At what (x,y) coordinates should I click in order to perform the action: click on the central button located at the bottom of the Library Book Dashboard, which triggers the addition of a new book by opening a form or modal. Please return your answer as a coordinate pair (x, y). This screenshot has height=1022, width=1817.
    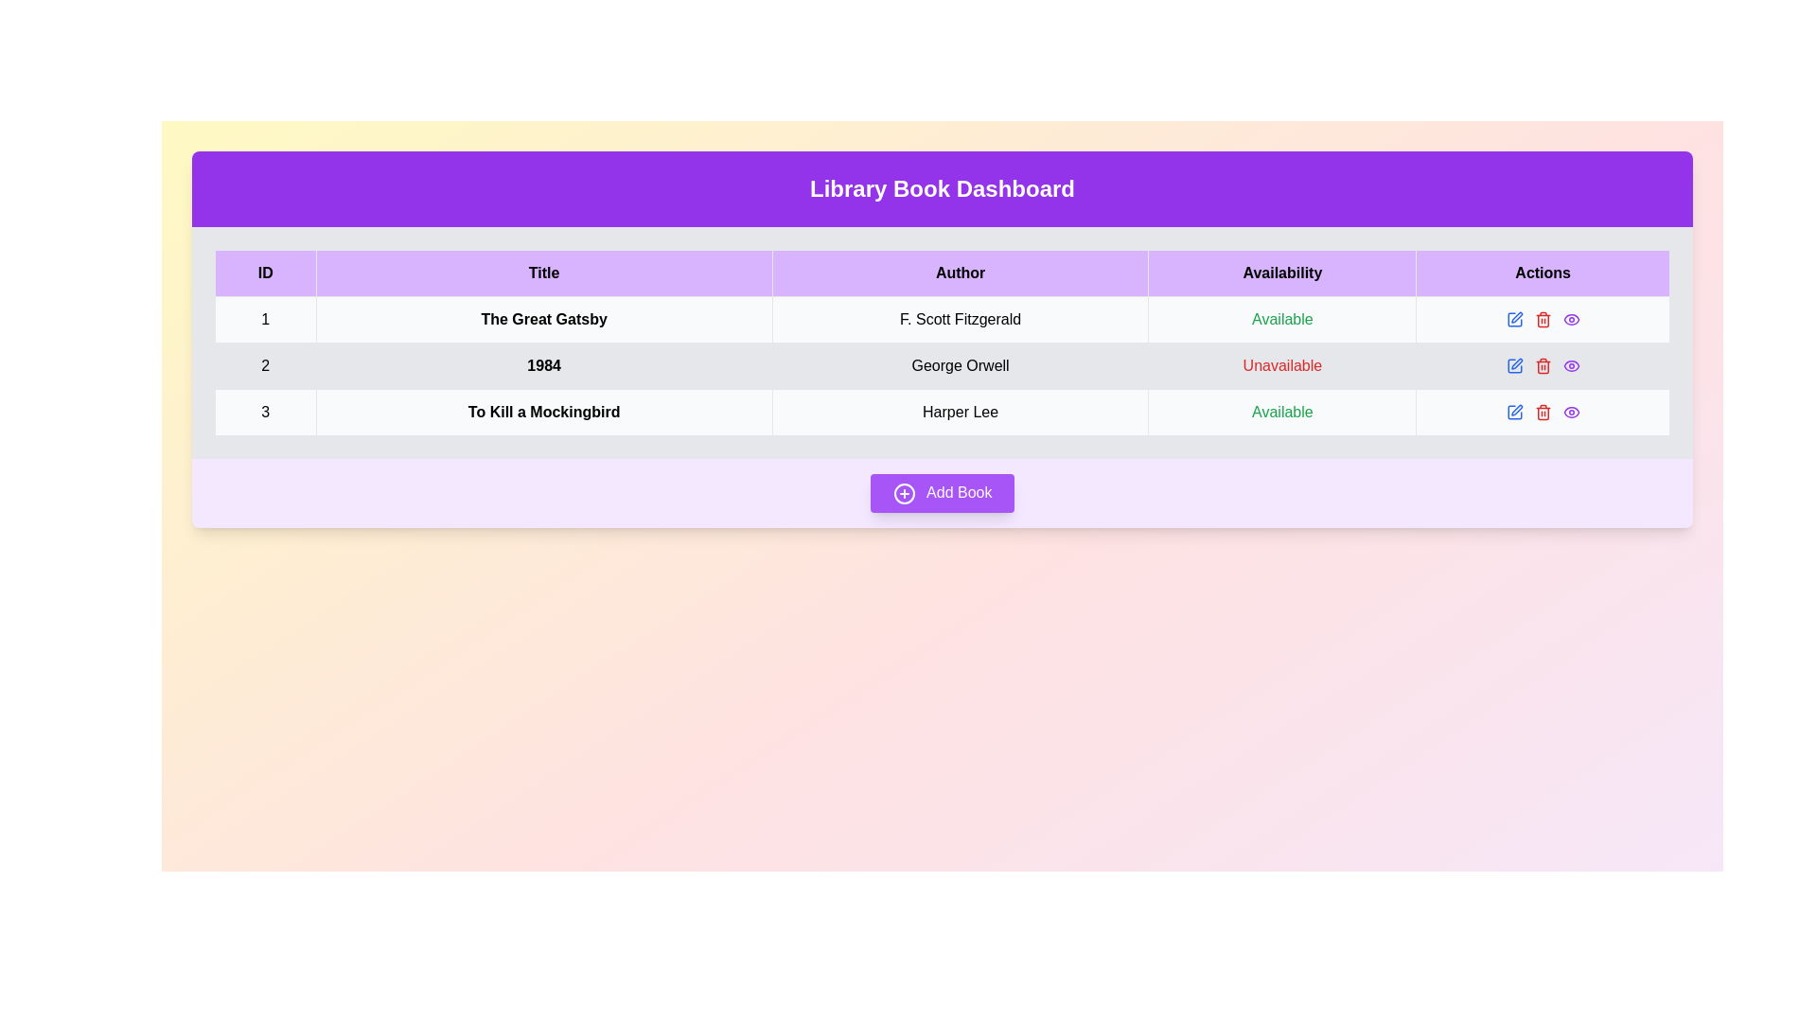
    Looking at the image, I should click on (943, 491).